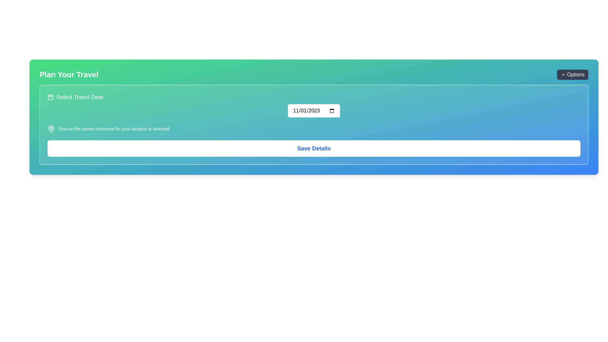 The image size is (608, 342). Describe the element at coordinates (563, 74) in the screenshot. I see `the state change of the upward-pointing chevron icon located within the 'Options' button at the top-right corner of the card component` at that location.